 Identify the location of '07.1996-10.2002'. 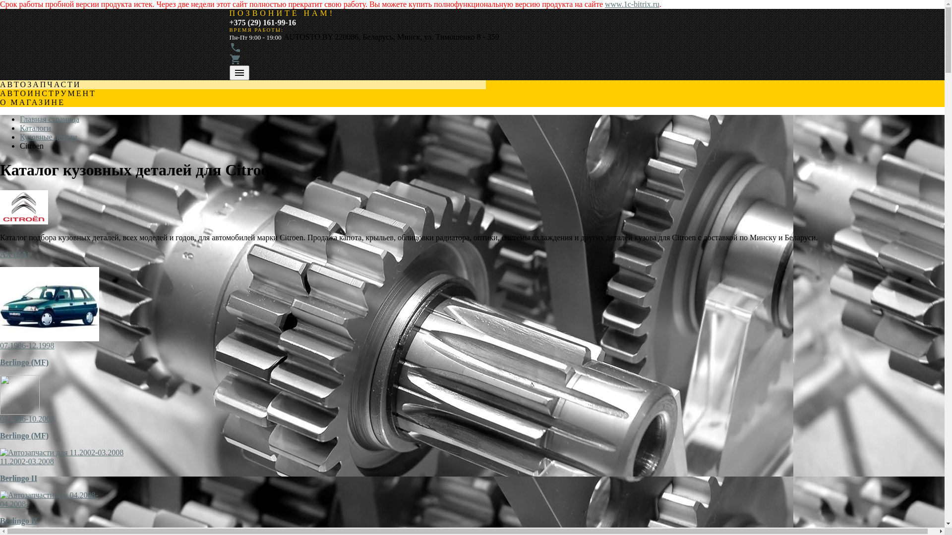
(27, 419).